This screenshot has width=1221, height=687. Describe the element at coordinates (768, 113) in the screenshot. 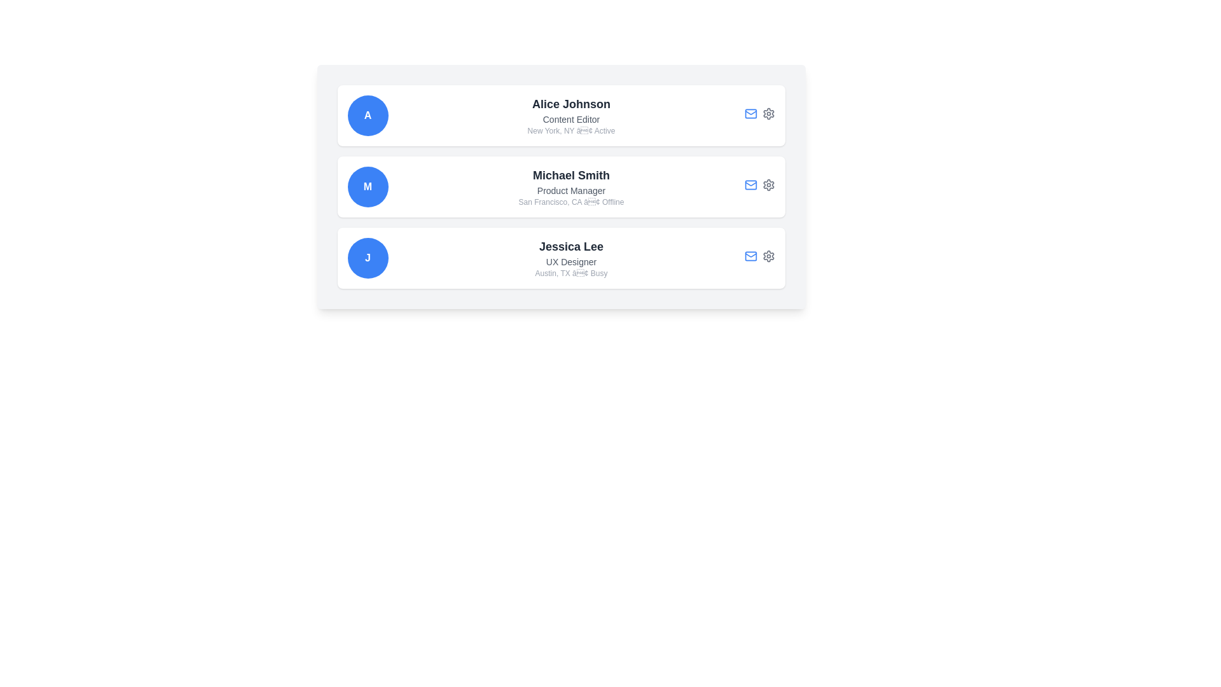

I see `the Icon Button located in the top-right corner of the section containing information about Alice Johnson` at that location.